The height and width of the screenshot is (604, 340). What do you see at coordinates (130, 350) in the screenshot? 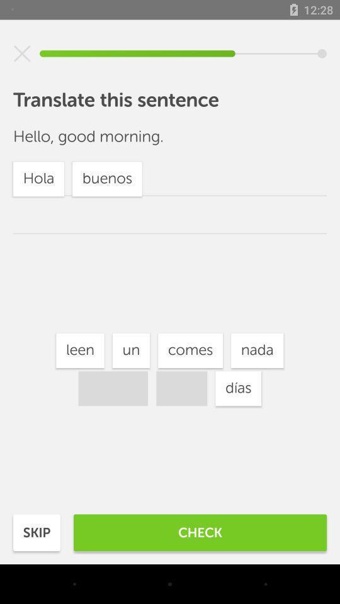
I see `item to the left of hola icon` at bounding box center [130, 350].